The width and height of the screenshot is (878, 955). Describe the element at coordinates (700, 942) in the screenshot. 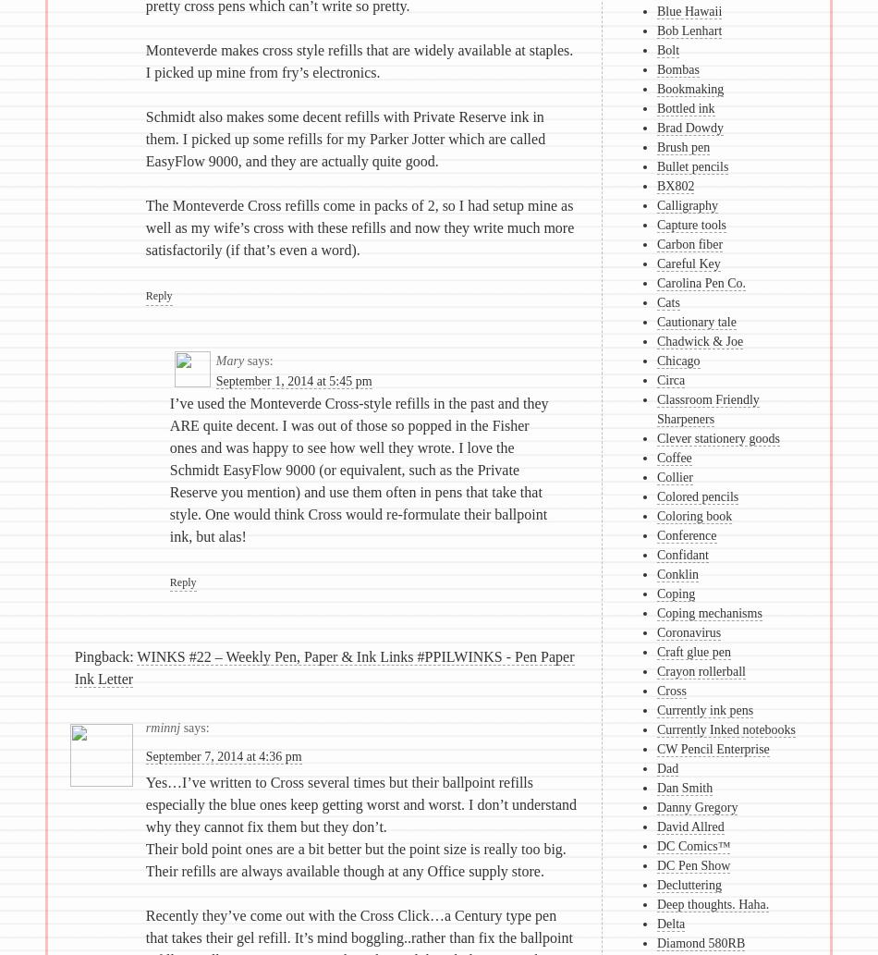

I see `'Diamond 580RB'` at that location.